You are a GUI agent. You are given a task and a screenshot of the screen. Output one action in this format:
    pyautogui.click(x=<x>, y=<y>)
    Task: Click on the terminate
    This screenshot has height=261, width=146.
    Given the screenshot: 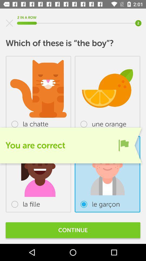 What is the action you would take?
    pyautogui.click(x=9, y=23)
    